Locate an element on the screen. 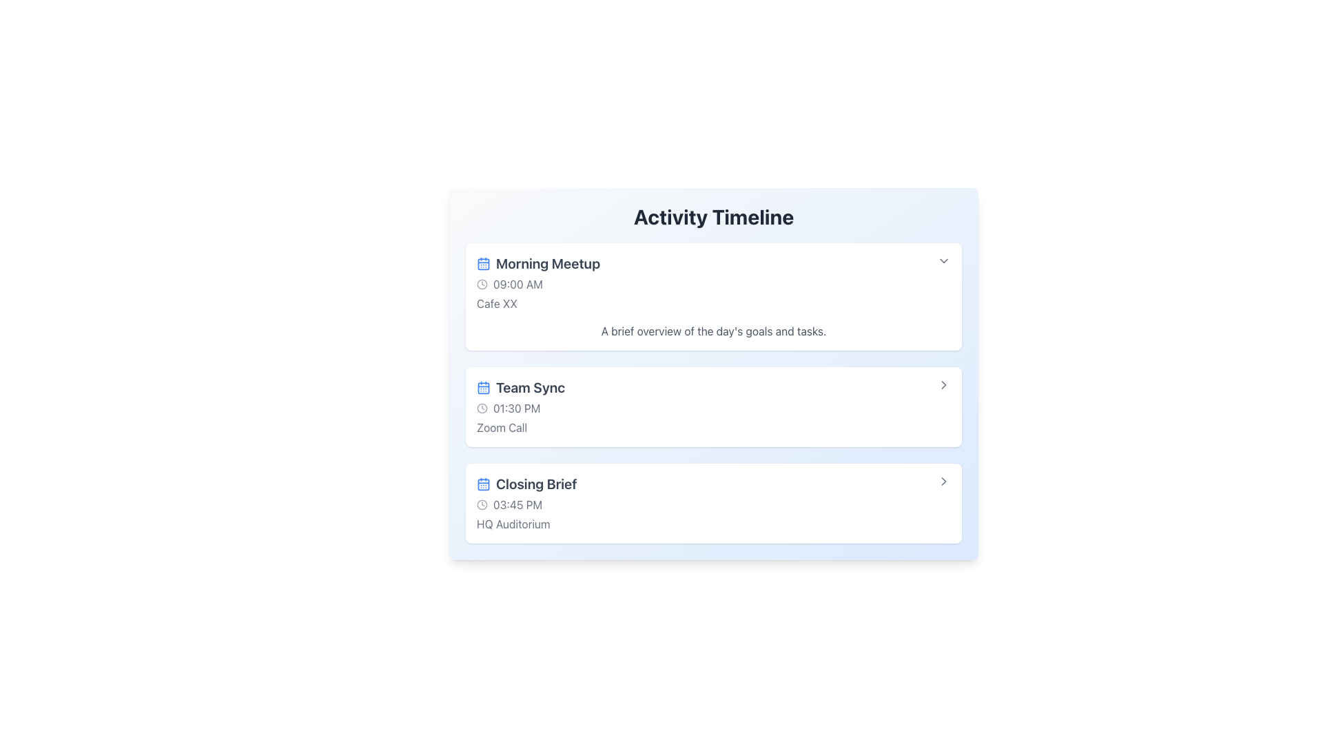  the time indicator text for the 'Closing Brief' event located in the third section of the 'Activity Timeline' interface, positioned between the section header and the location indicator is located at coordinates (526, 504).